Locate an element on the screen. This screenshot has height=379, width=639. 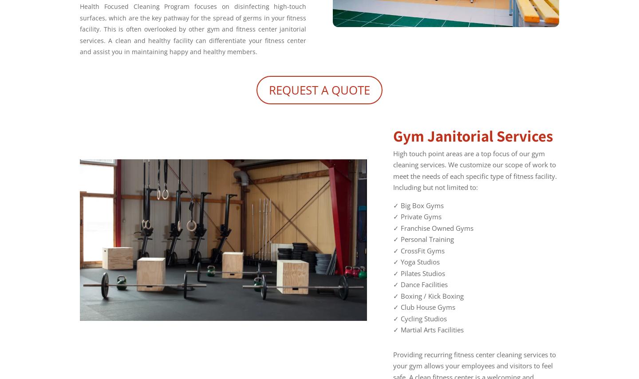
'✓ Big Box Gyms' is located at coordinates (418, 205).